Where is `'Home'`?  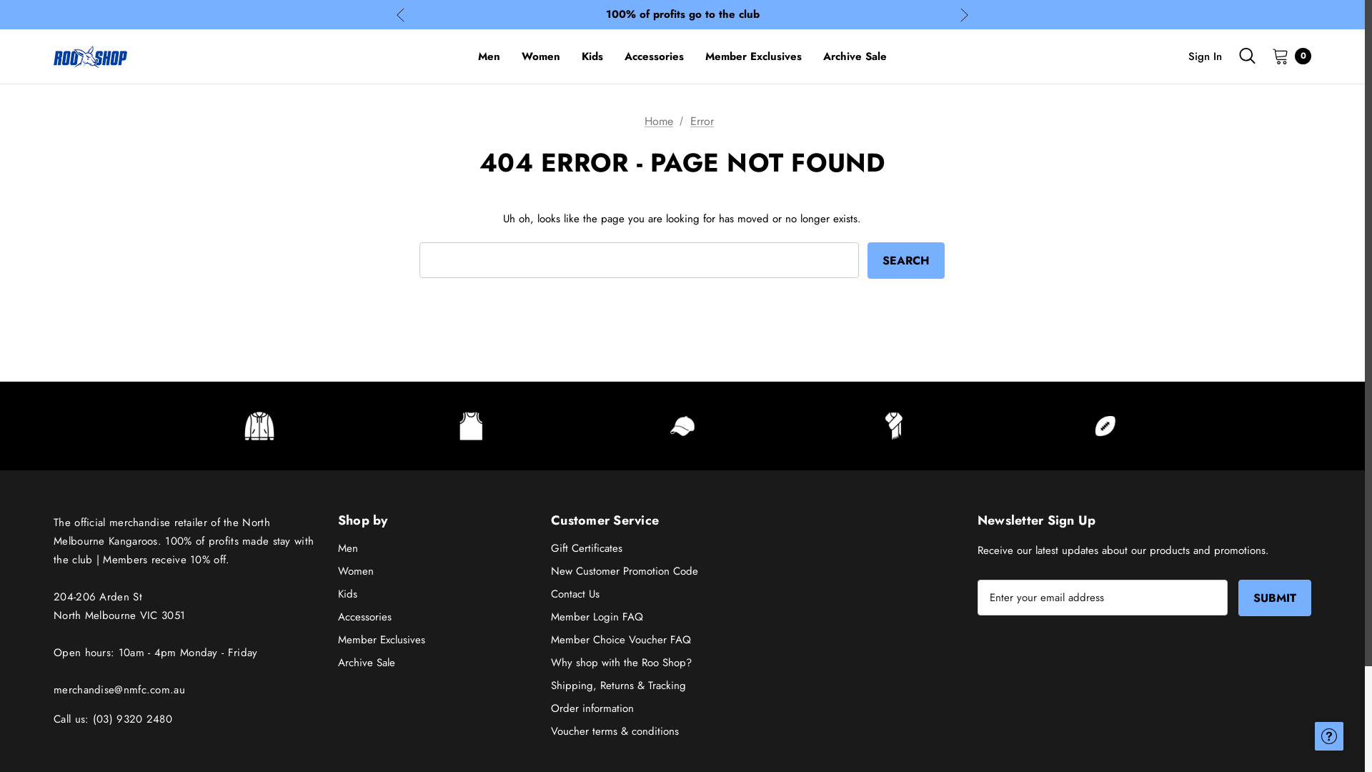
'Home' is located at coordinates (657, 120).